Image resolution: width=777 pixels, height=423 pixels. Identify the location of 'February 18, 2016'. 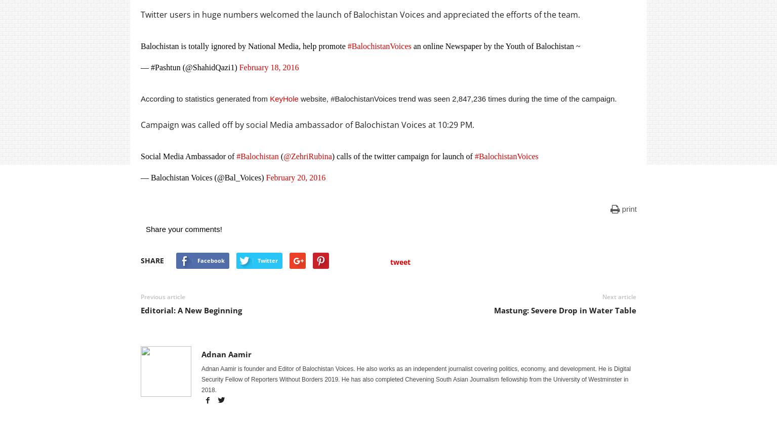
(268, 67).